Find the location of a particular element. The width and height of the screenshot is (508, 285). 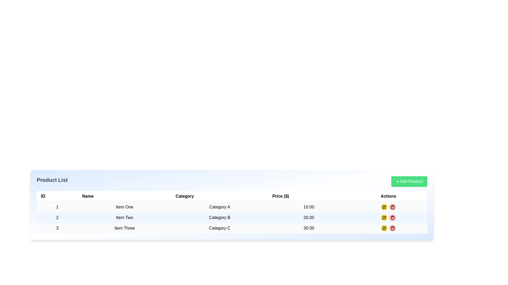

the static text display showing the price for 'Item Three' in the last column of the third row of the data table is located at coordinates (309, 228).